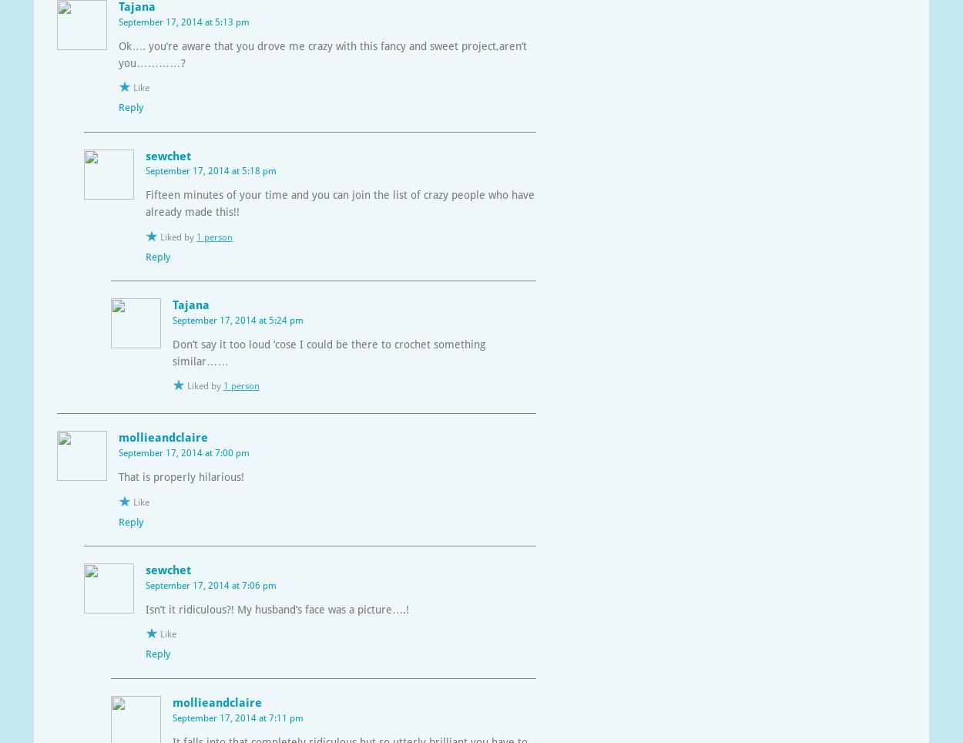 This screenshot has width=963, height=743. What do you see at coordinates (183, 451) in the screenshot?
I see `'September 17, 2014 at 7:00 pm'` at bounding box center [183, 451].